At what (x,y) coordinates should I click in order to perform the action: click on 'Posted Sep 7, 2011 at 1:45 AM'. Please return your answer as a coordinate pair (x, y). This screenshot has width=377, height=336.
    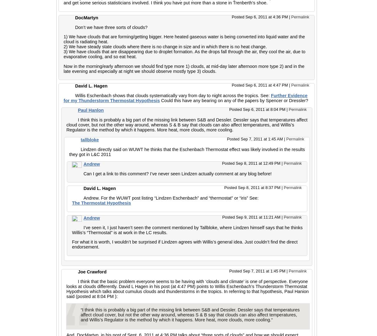
    Looking at the image, I should click on (255, 139).